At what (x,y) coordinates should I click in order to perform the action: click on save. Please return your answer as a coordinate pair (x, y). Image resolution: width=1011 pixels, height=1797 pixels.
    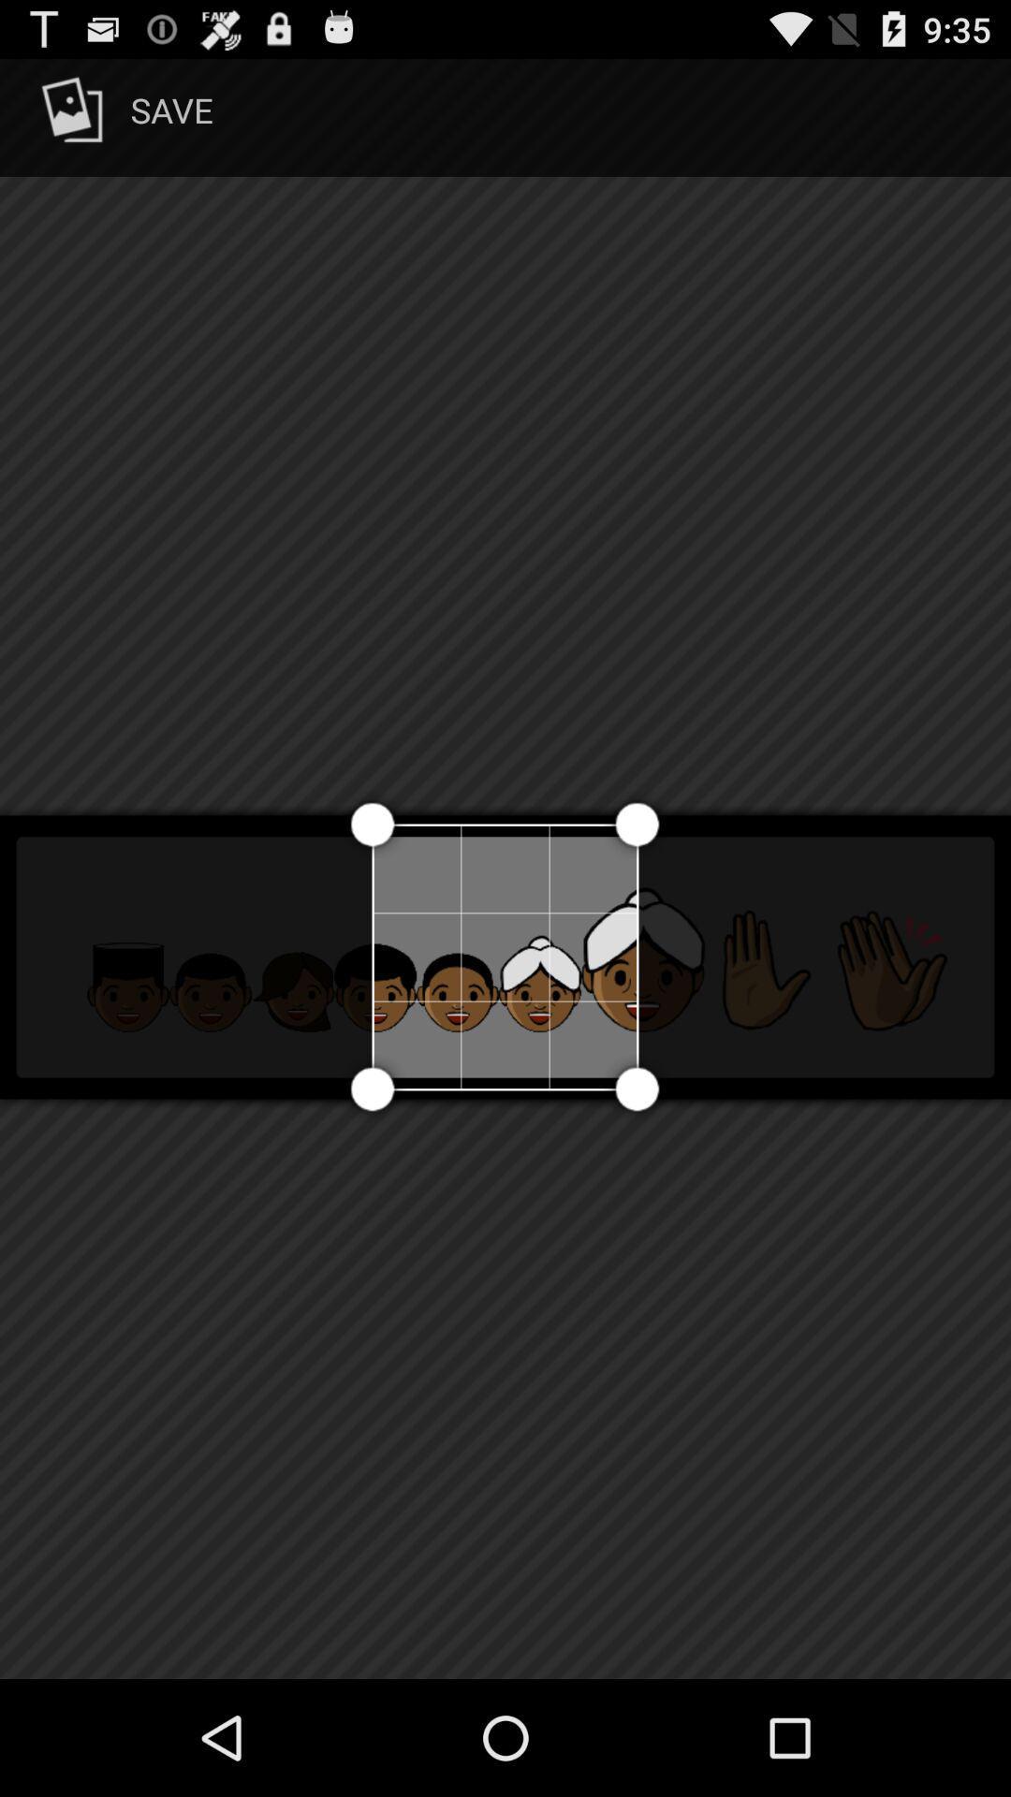
    Looking at the image, I should click on (124, 116).